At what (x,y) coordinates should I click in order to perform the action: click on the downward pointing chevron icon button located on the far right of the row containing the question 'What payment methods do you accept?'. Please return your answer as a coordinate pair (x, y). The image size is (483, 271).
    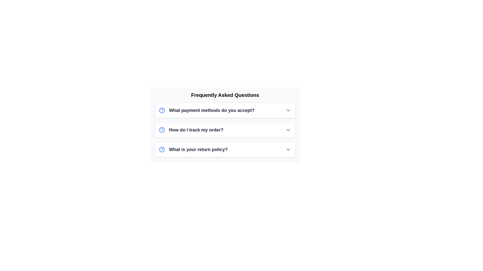
    Looking at the image, I should click on (288, 110).